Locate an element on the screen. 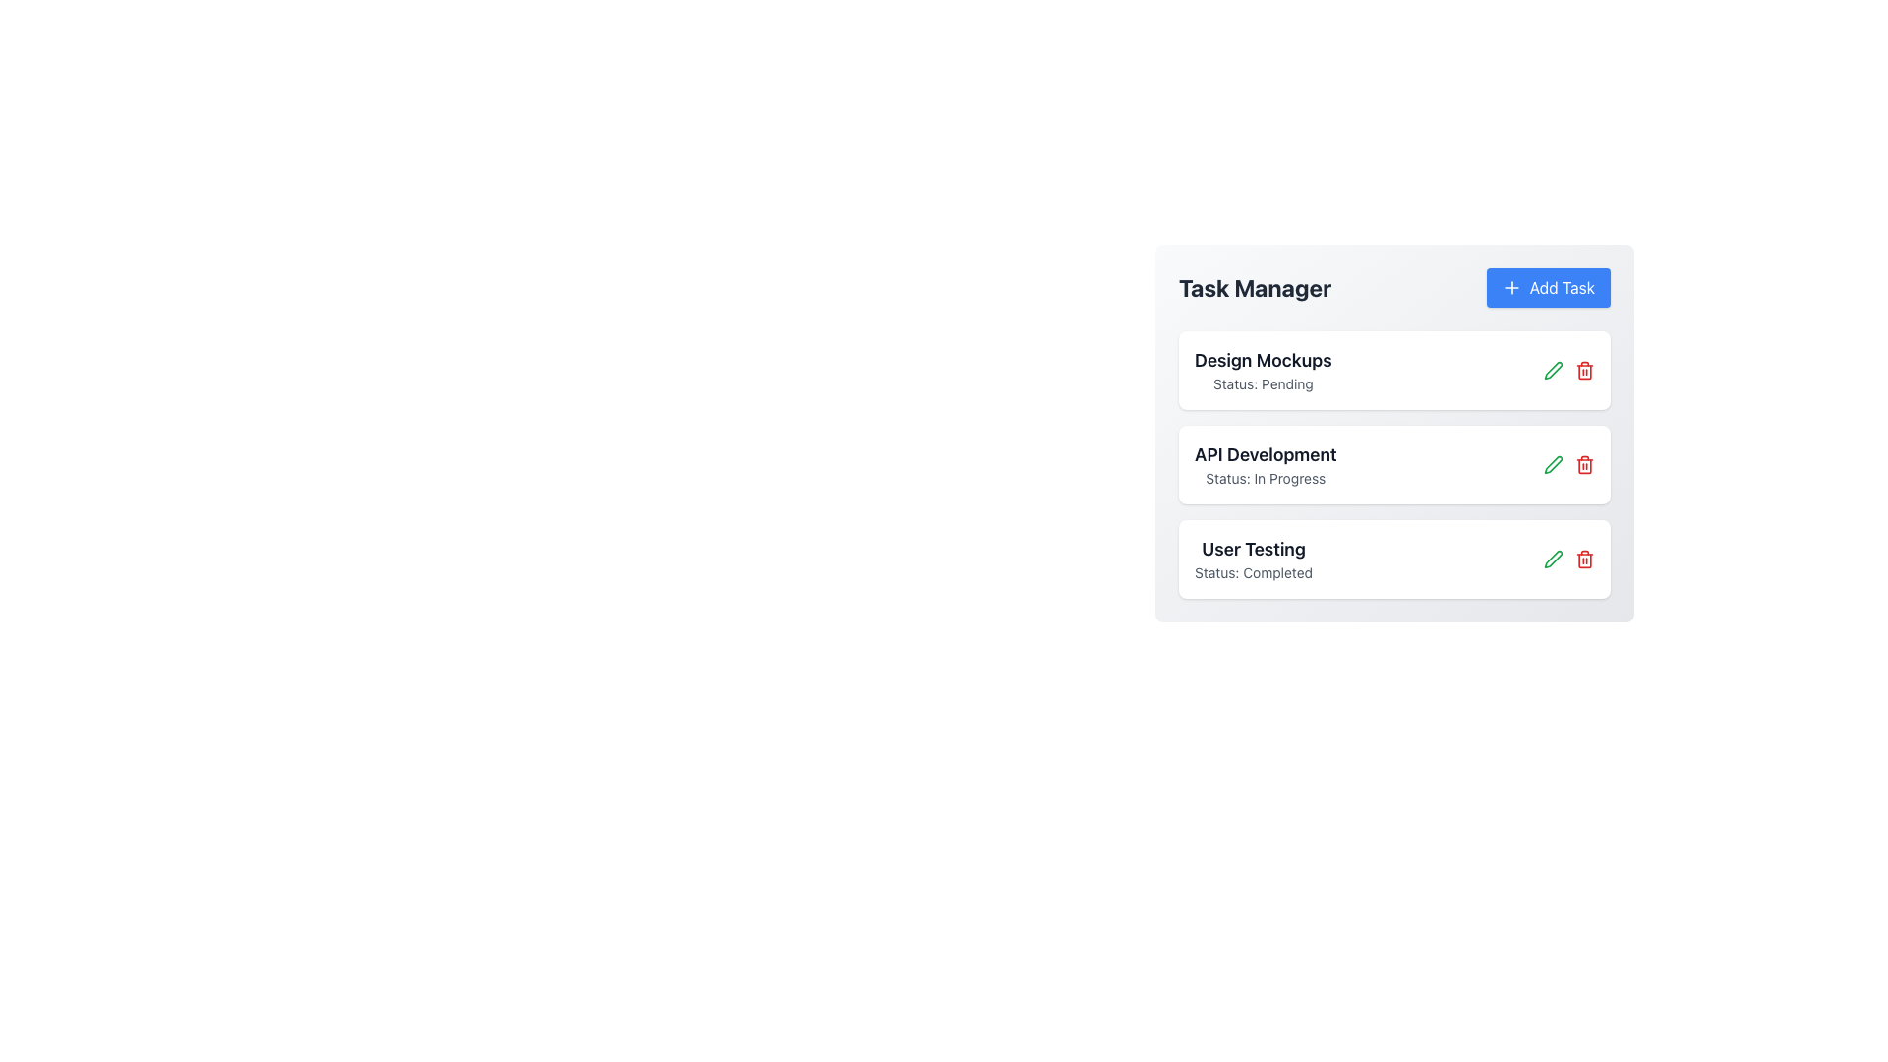  the text label displaying 'User Testing' which is prominently placed in the third task item under 'Task Manager' is located at coordinates (1253, 550).